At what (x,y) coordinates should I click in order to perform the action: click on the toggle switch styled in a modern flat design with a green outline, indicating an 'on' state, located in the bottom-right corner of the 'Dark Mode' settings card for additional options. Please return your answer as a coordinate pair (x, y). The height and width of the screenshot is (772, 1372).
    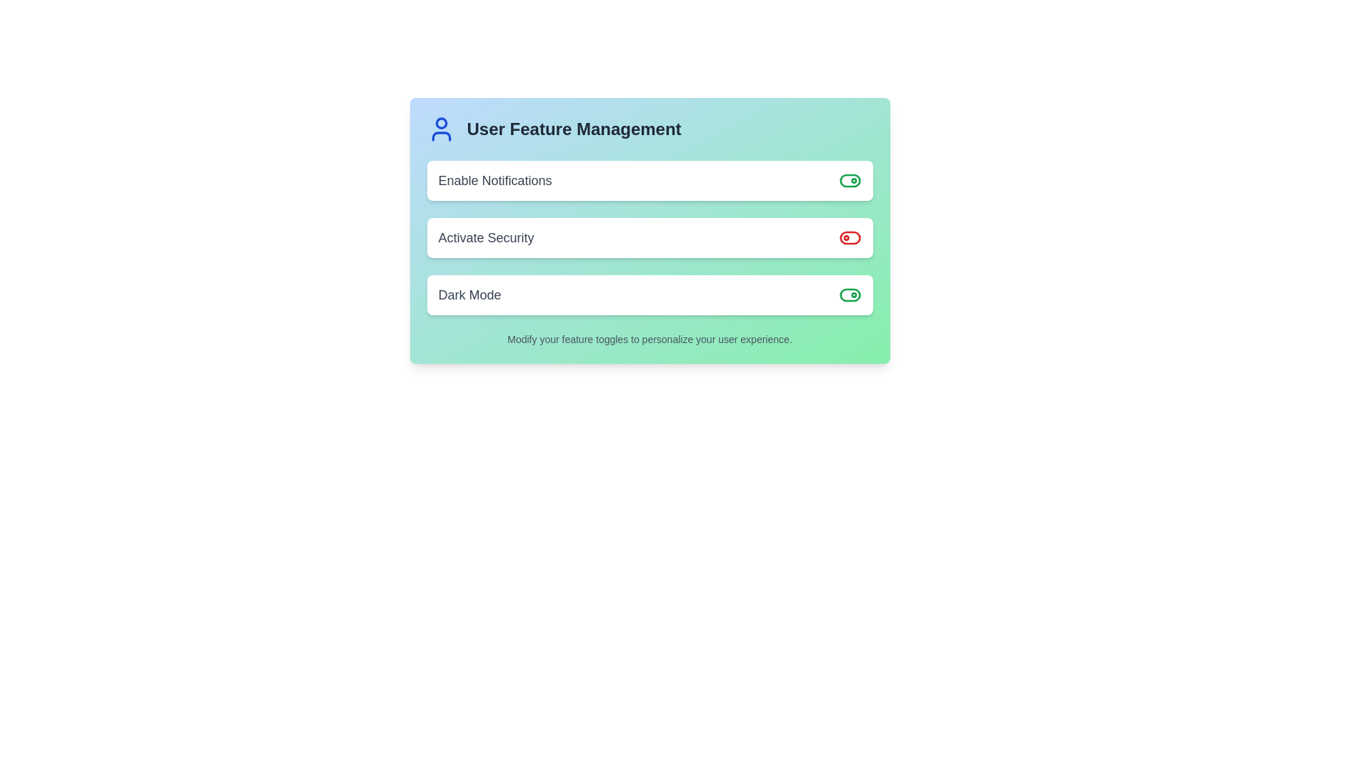
    Looking at the image, I should click on (850, 294).